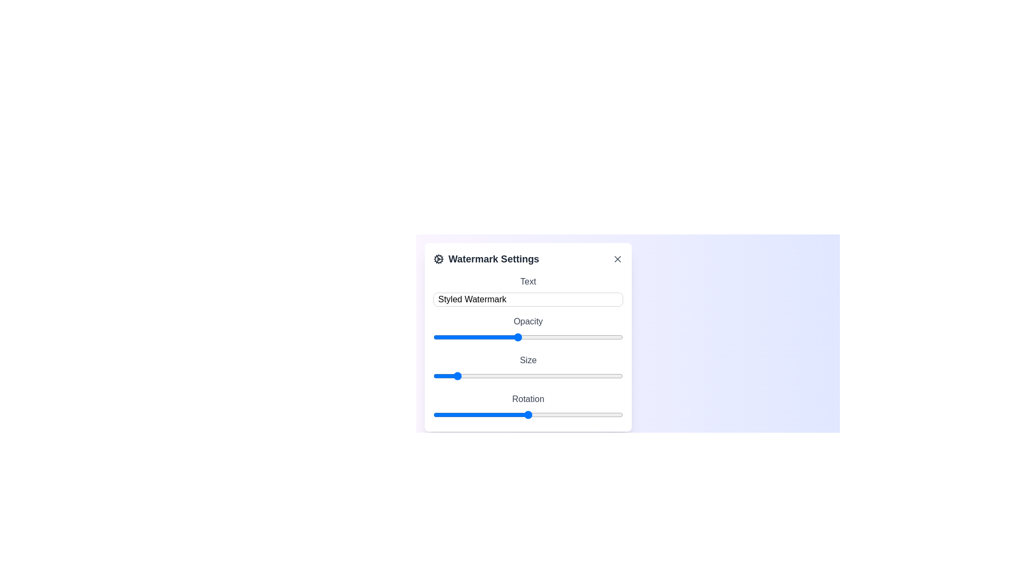  Describe the element at coordinates (554, 376) in the screenshot. I see `size` at that location.